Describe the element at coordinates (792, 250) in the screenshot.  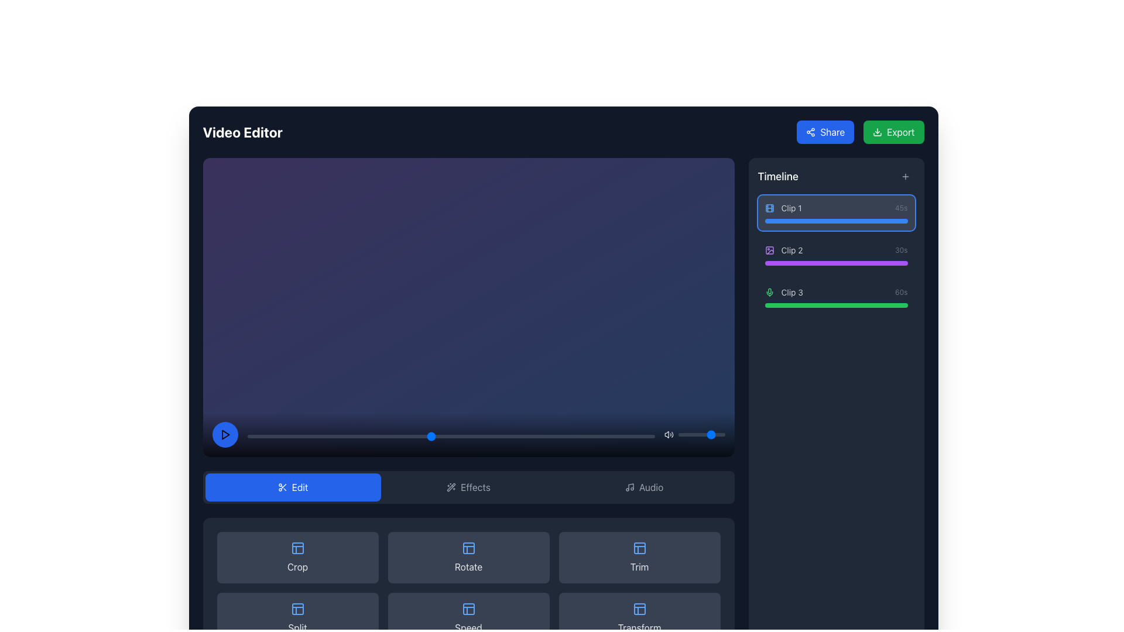
I see `the text label identifying 'Clip 2' in the timeline of the video editor to read its content` at that location.